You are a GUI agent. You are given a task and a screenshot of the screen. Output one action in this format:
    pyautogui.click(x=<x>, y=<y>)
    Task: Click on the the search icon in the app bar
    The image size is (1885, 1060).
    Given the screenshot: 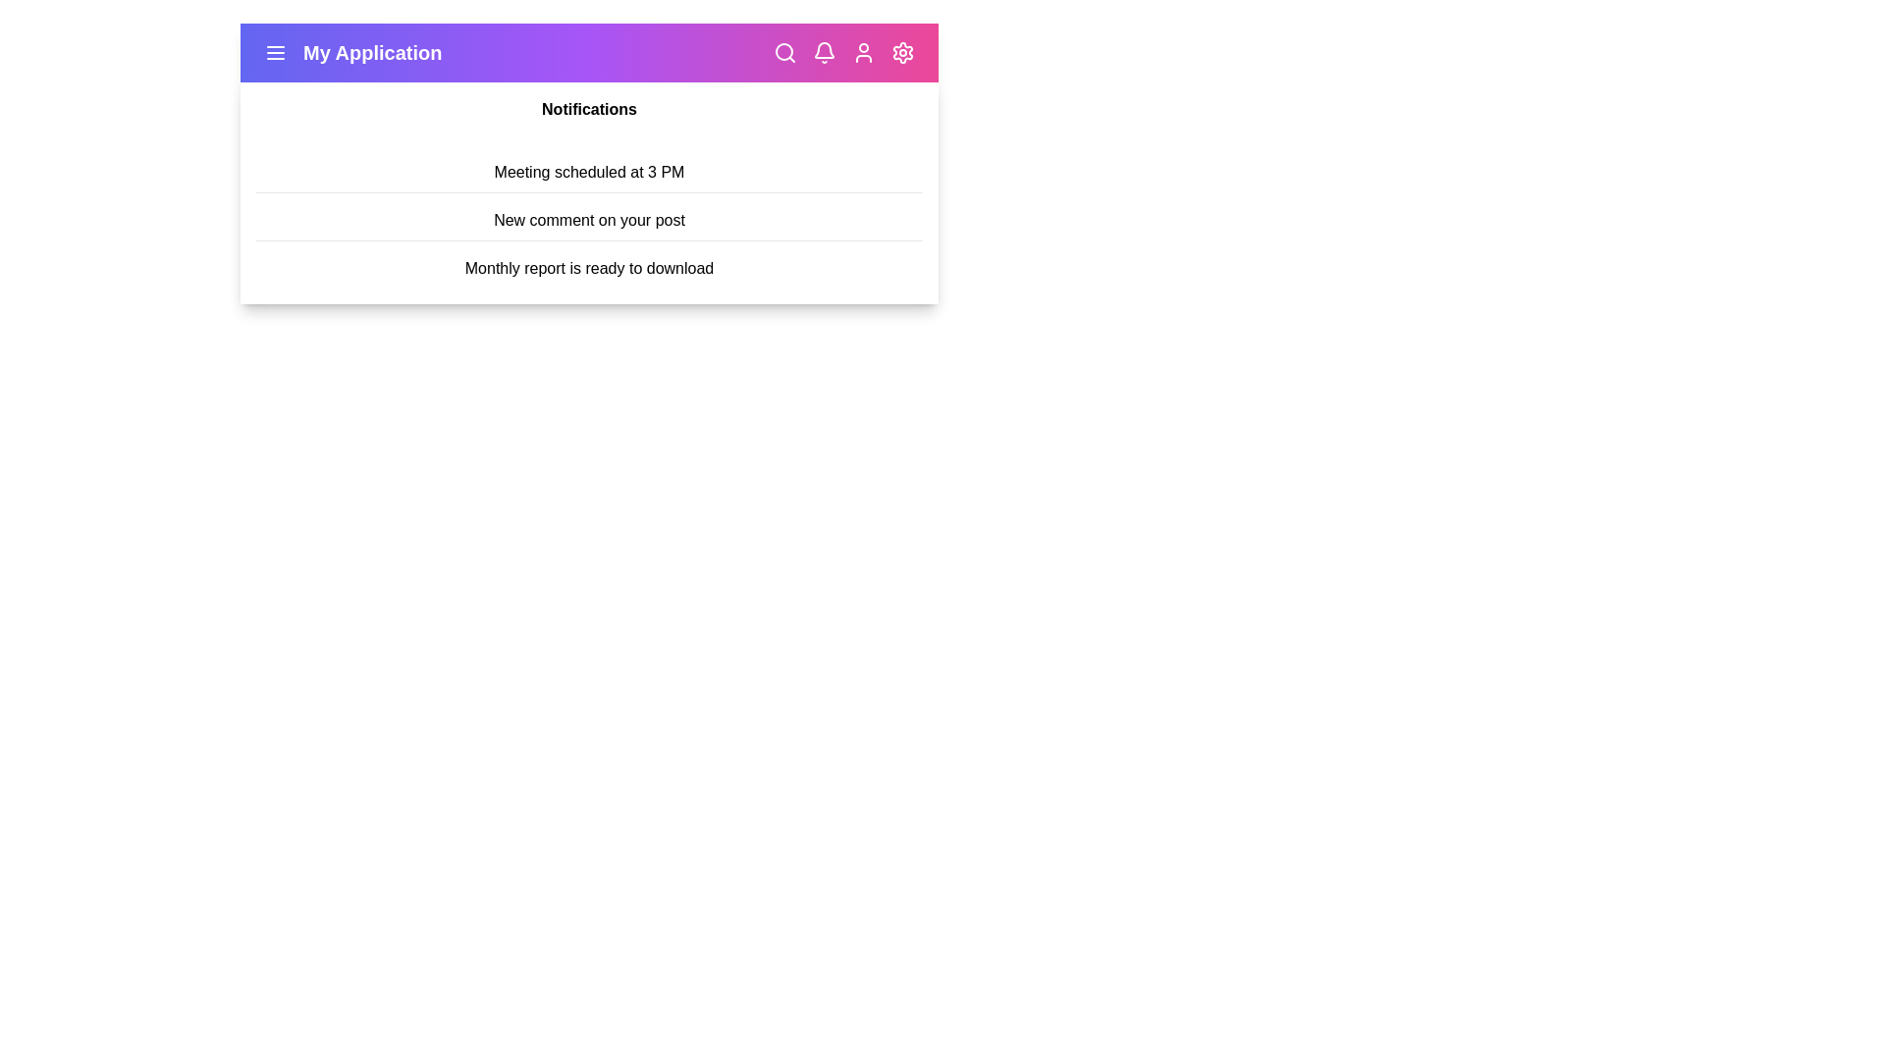 What is the action you would take?
    pyautogui.click(x=785, y=52)
    